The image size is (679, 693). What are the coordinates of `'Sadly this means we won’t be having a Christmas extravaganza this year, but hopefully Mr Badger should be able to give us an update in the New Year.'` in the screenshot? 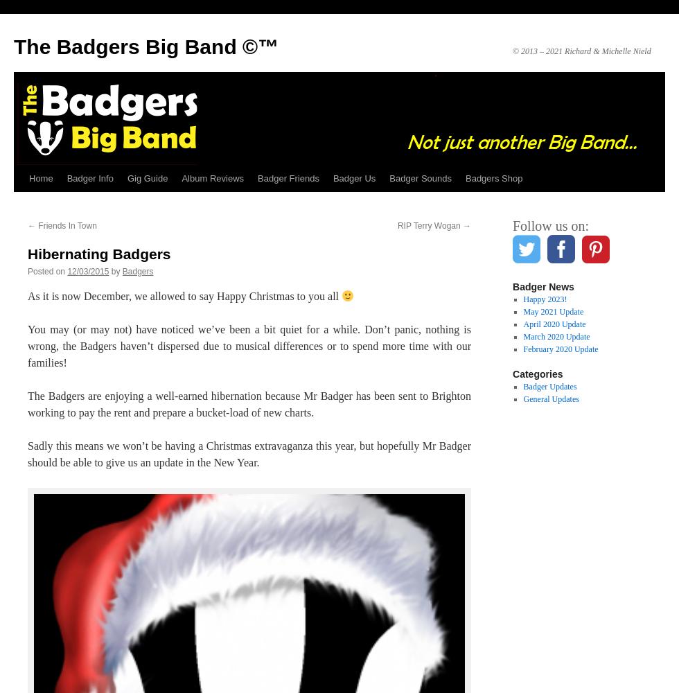 It's located at (249, 454).